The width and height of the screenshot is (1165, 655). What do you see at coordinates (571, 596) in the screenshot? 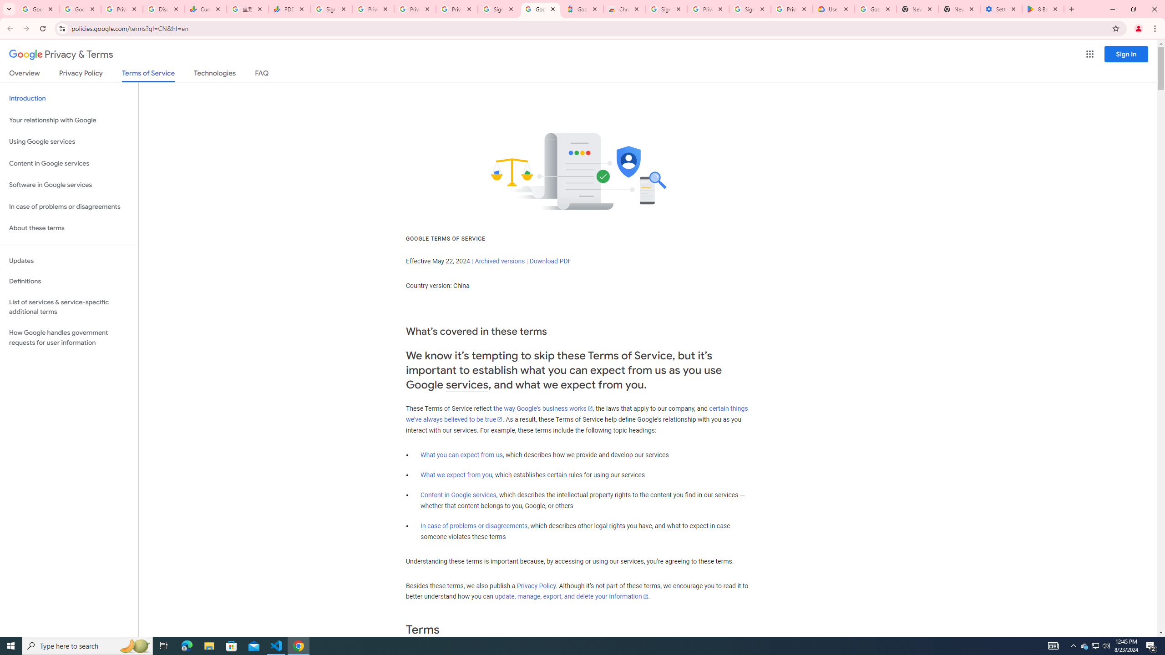
I see `'update, manage, export, and delete your information'` at bounding box center [571, 596].